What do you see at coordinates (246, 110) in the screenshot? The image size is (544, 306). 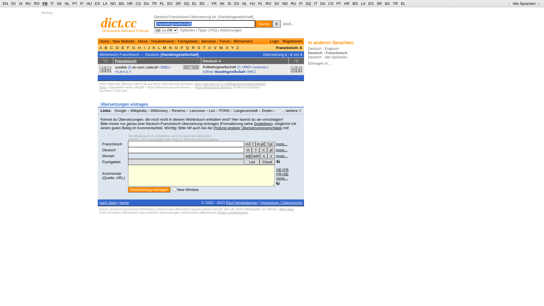 I see `'Langenscheidt'` at bounding box center [246, 110].